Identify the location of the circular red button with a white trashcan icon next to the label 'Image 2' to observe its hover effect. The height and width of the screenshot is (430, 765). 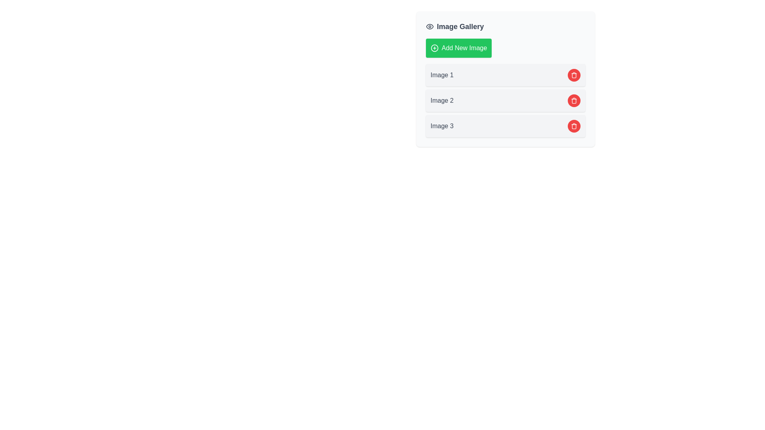
(574, 100).